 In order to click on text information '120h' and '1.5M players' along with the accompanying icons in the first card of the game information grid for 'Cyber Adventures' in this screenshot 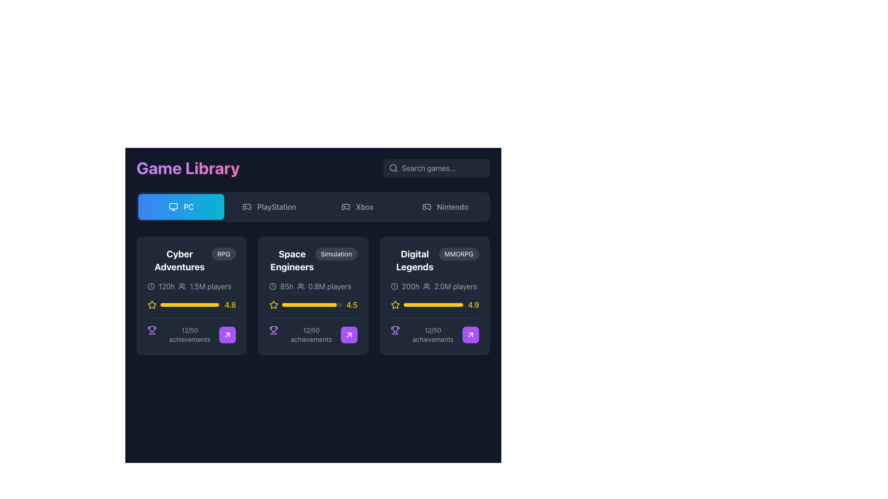, I will do `click(191, 286)`.